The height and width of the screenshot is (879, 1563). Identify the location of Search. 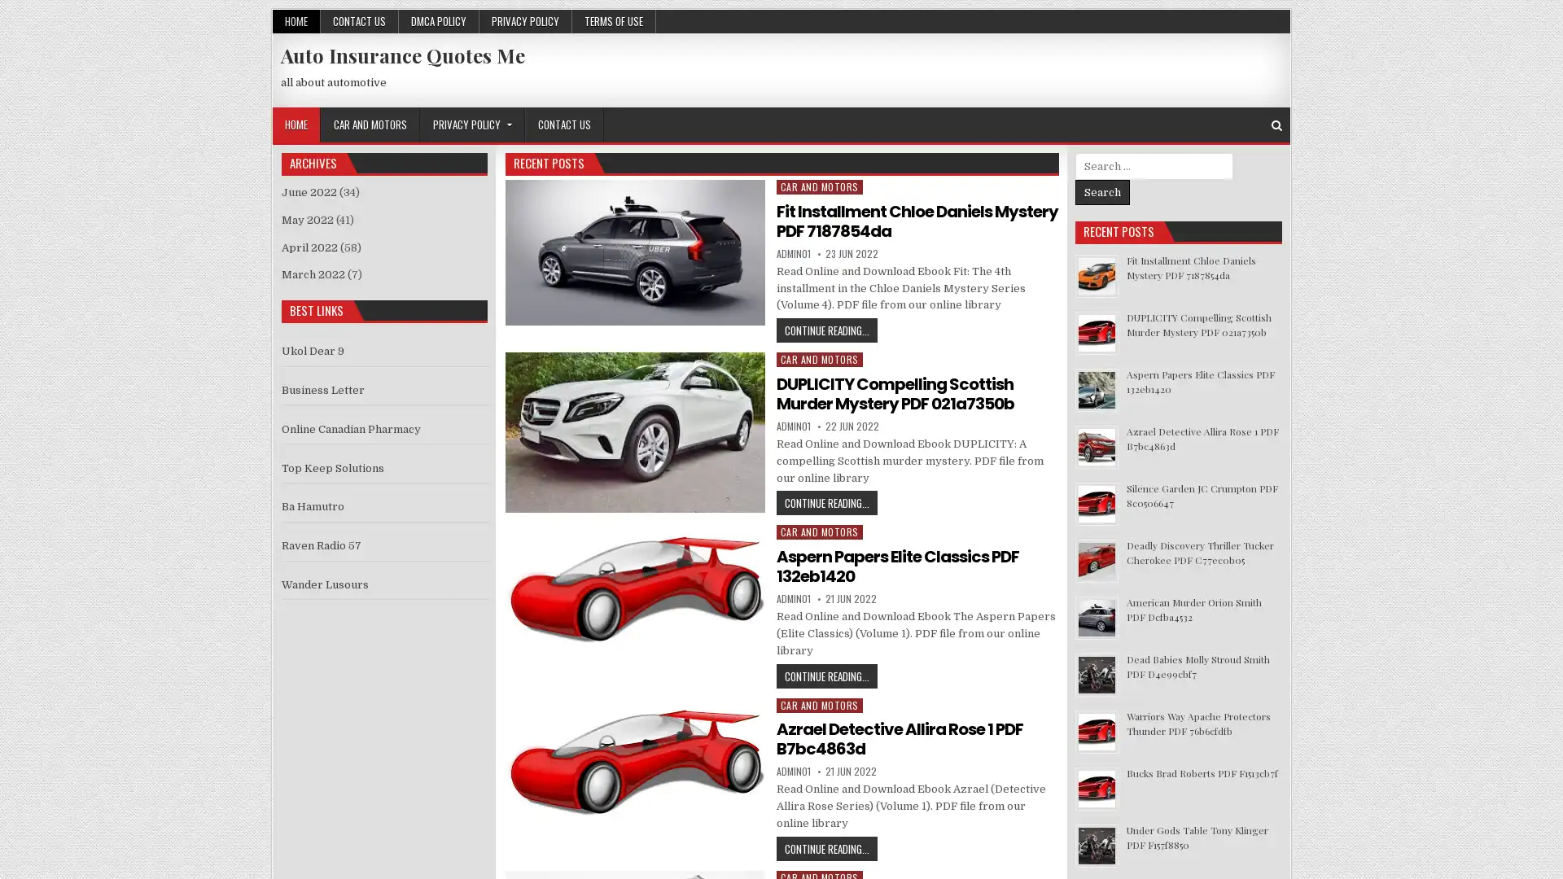
(1102, 191).